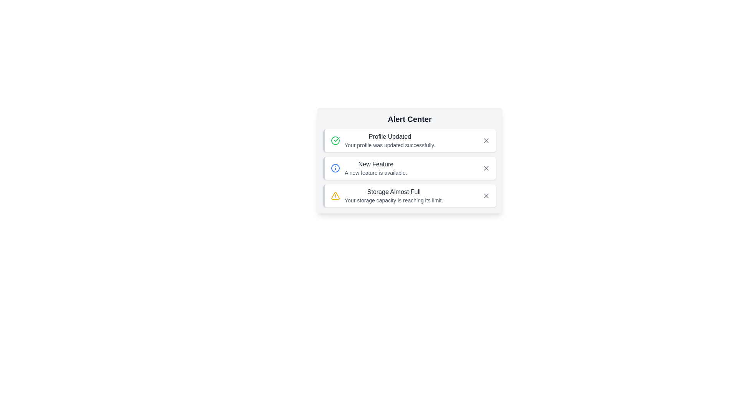 The width and height of the screenshot is (737, 414). What do you see at coordinates (390, 145) in the screenshot?
I see `the text label displaying 'Your profile was updated successfully.' located below the title 'Profile Updated' in the first notification item of the 'Alert Center'` at bounding box center [390, 145].